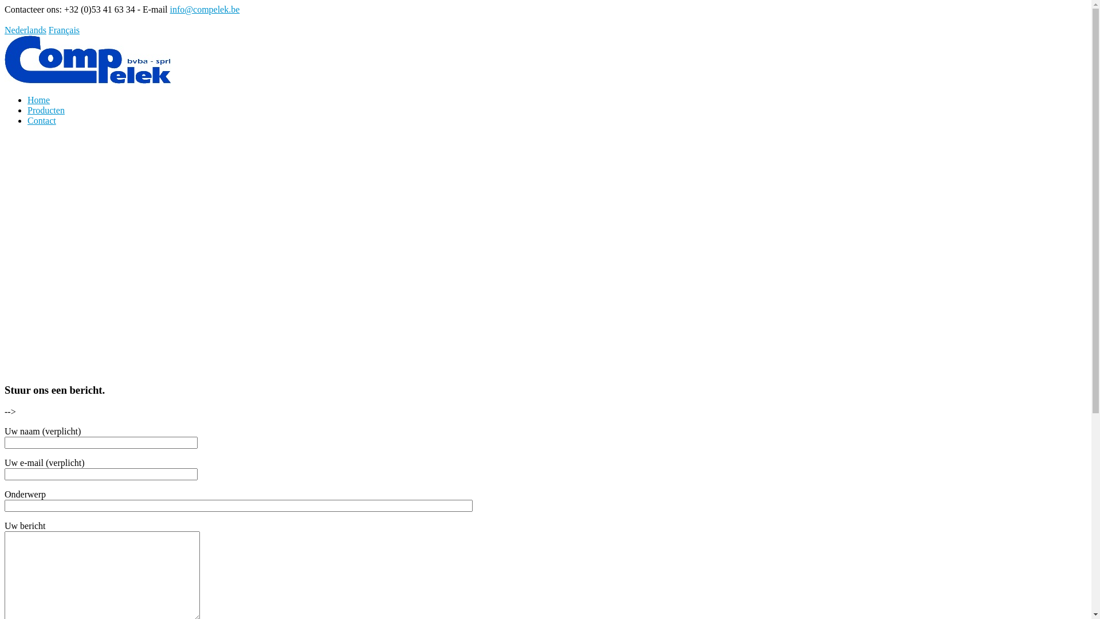 The width and height of the screenshot is (1100, 619). I want to click on 'info@compelek.be', so click(205, 9).